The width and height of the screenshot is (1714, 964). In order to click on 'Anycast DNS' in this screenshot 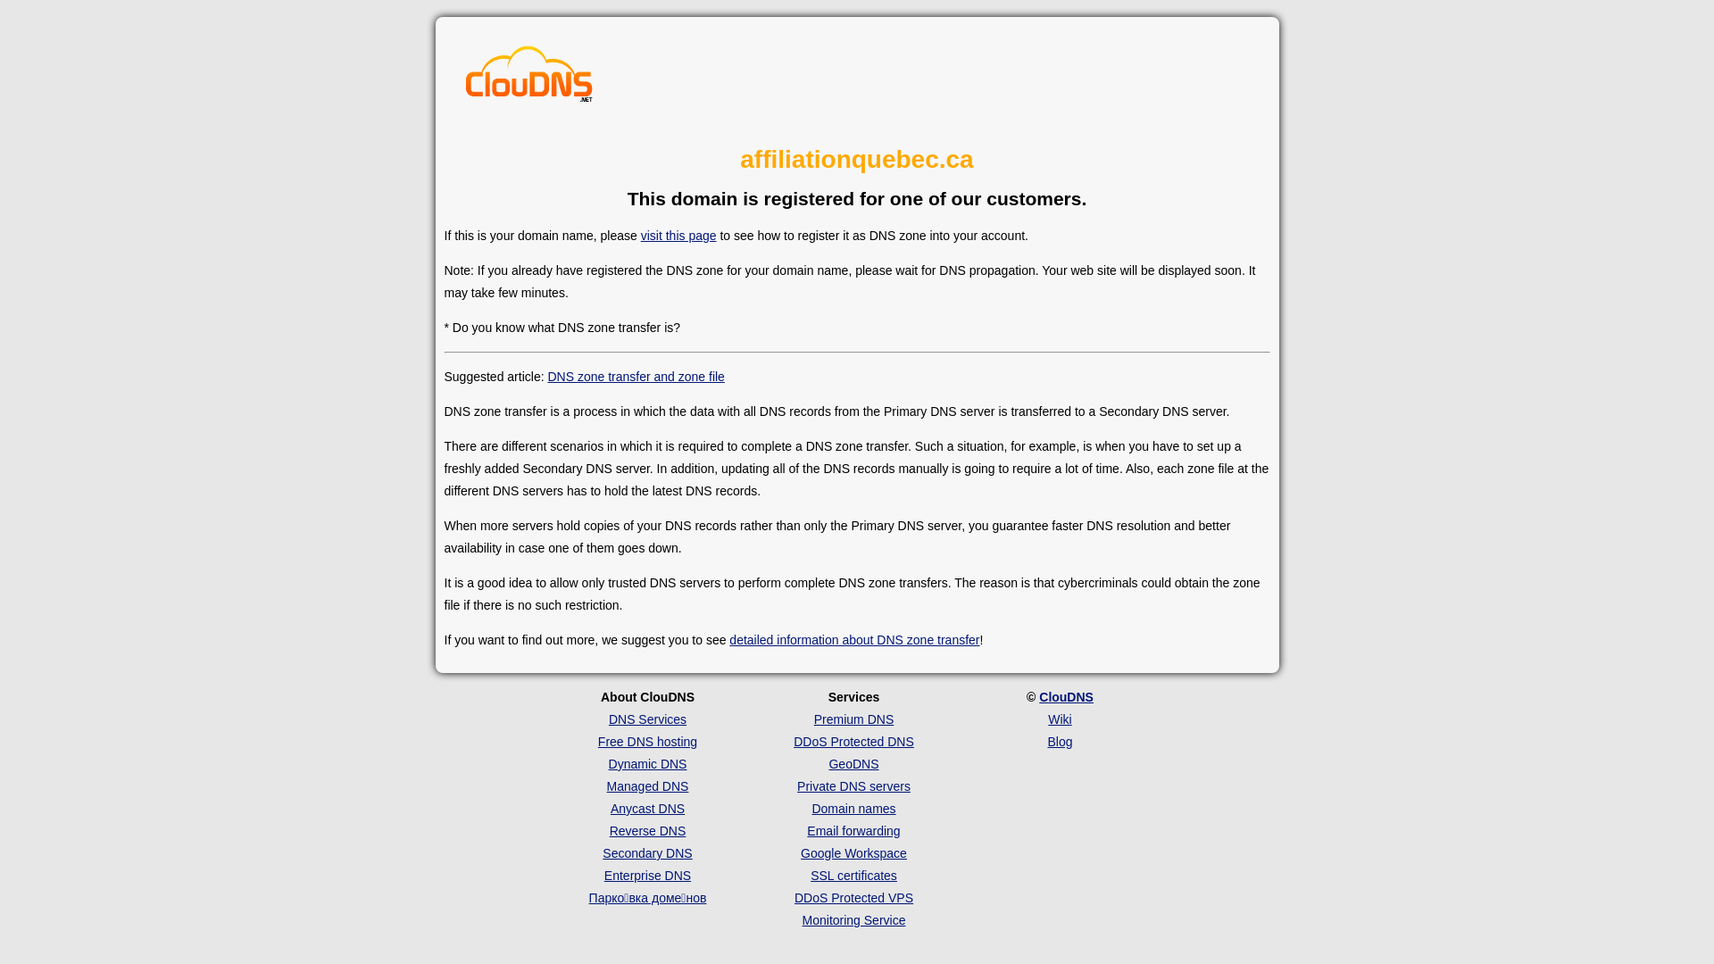, I will do `click(646, 809)`.